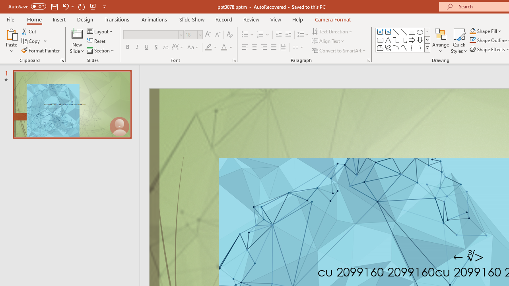 This screenshot has height=286, width=509. Describe the element at coordinates (468, 257) in the screenshot. I see `'TextBox 7'` at that location.